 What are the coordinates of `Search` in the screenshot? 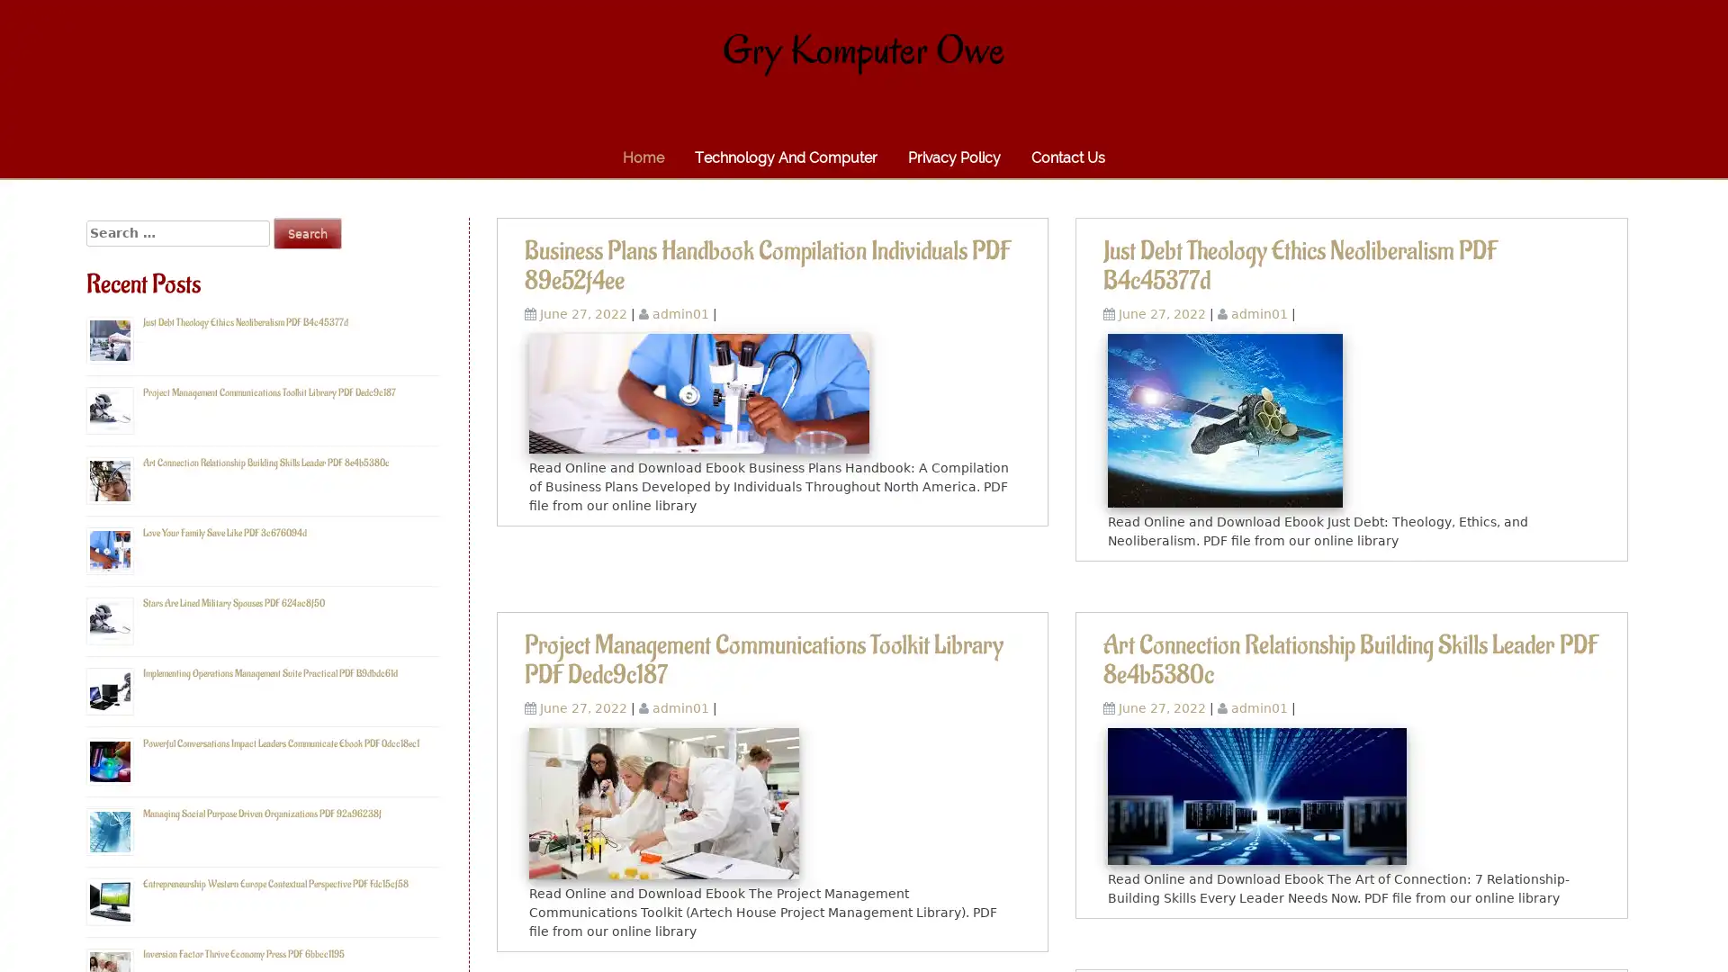 It's located at (307, 232).